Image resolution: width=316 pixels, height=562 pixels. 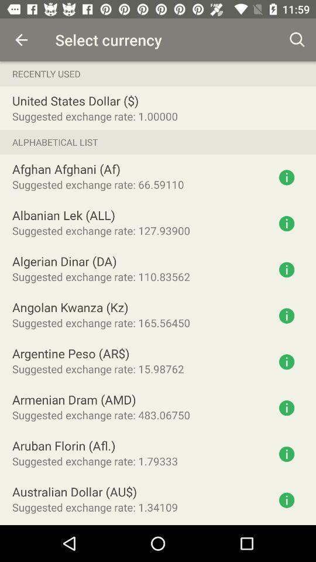 What do you see at coordinates (286, 177) in the screenshot?
I see `more information` at bounding box center [286, 177].